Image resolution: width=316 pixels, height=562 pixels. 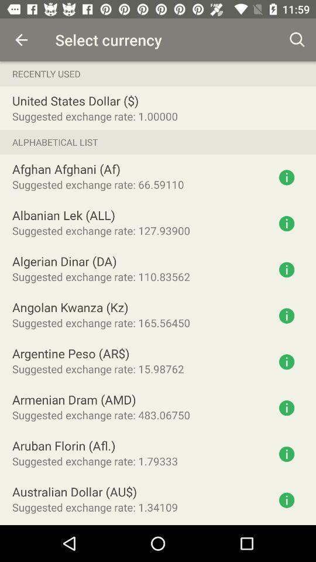 What do you see at coordinates (286, 177) in the screenshot?
I see `more information` at bounding box center [286, 177].